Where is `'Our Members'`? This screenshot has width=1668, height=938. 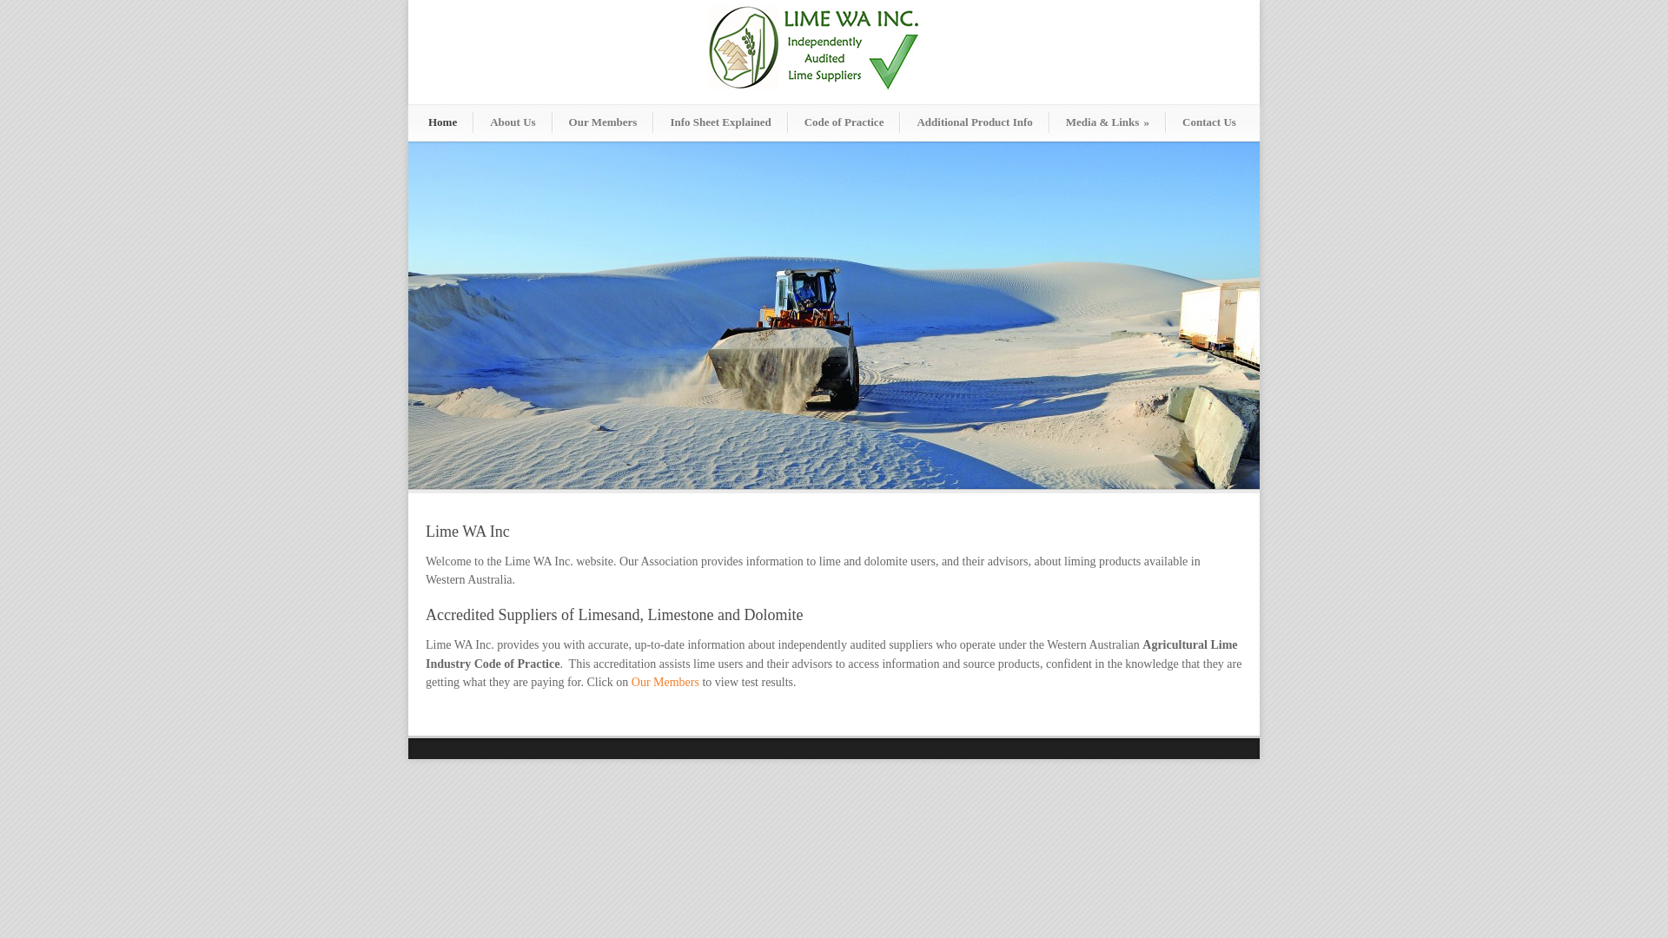
'Our Members' is located at coordinates (603, 122).